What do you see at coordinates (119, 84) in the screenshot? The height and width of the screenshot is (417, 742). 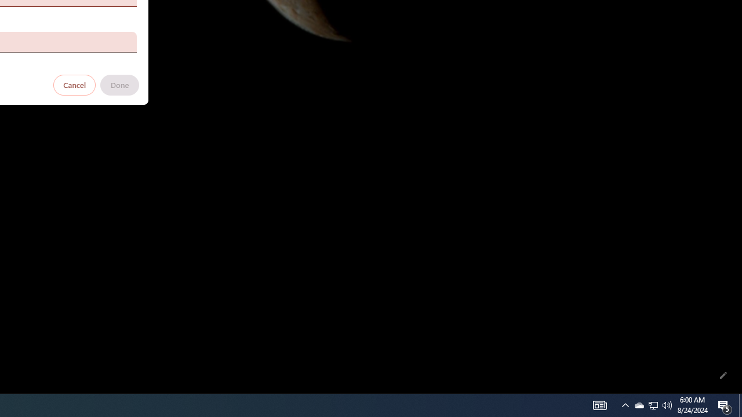 I see `'Done'` at bounding box center [119, 84].